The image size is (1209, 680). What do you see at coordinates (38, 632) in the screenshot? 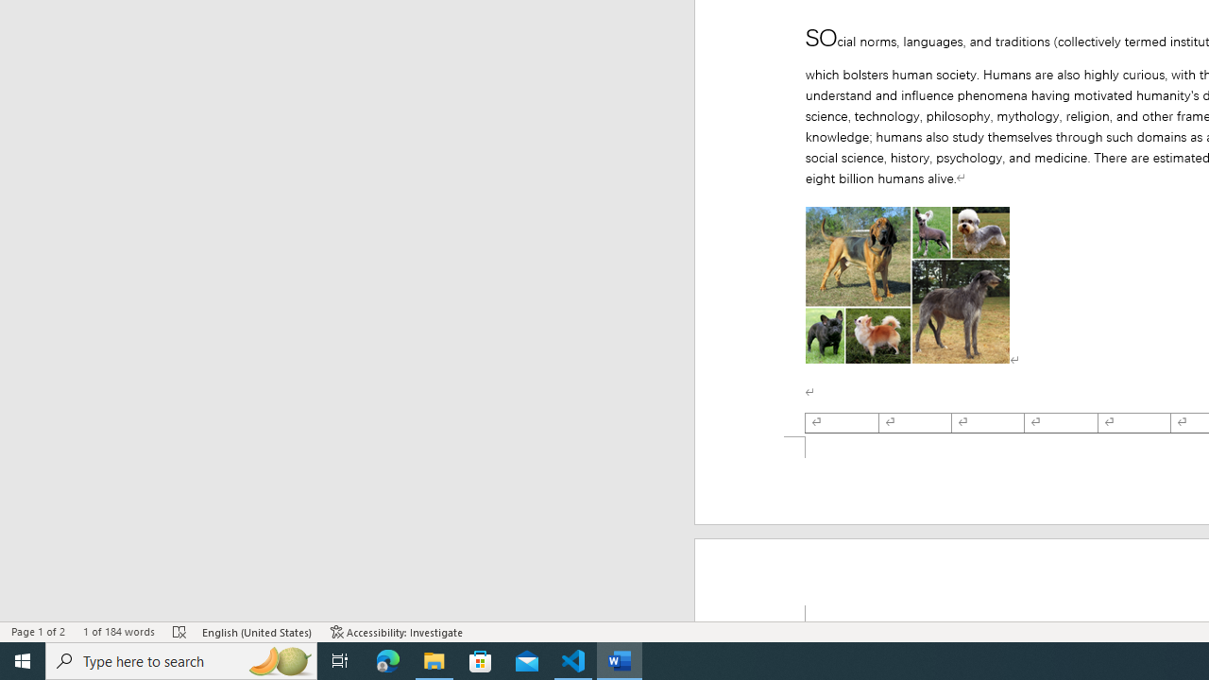
I see `'Page Number Page 1 of 2'` at bounding box center [38, 632].